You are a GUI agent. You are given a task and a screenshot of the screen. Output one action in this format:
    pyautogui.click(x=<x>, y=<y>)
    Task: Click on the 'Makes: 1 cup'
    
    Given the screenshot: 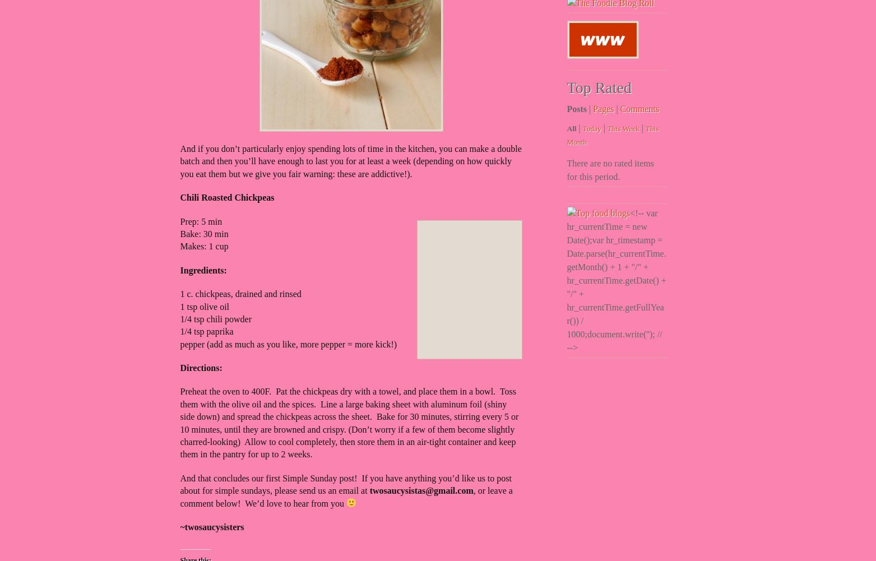 What is the action you would take?
    pyautogui.click(x=180, y=246)
    